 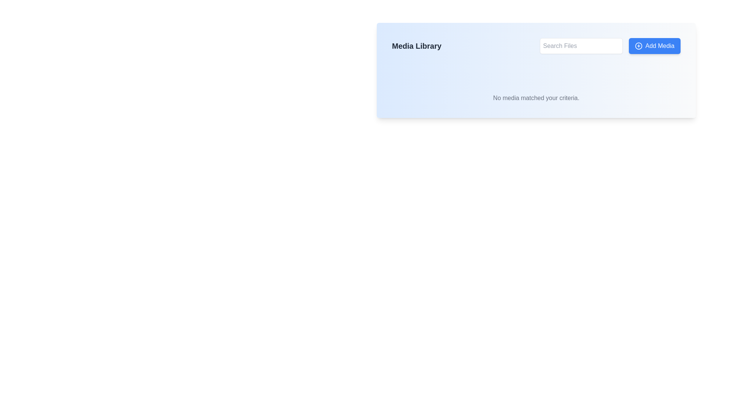 What do you see at coordinates (659, 46) in the screenshot?
I see `the 'Add Media' text label within the button that has a blue background and white text` at bounding box center [659, 46].